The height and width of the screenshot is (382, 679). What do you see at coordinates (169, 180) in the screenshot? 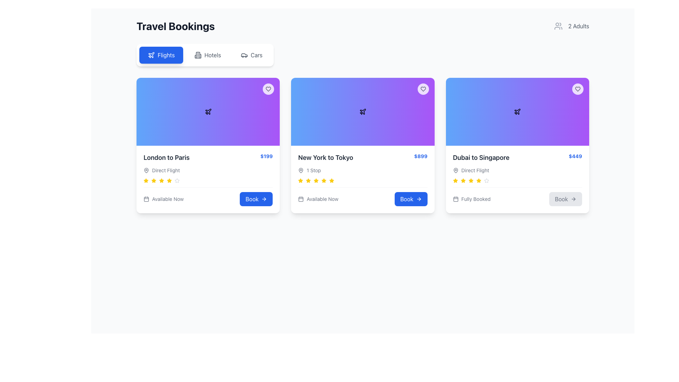
I see `the fifth yellow star icon in the rating section of the 'London to Paris' flight card` at bounding box center [169, 180].